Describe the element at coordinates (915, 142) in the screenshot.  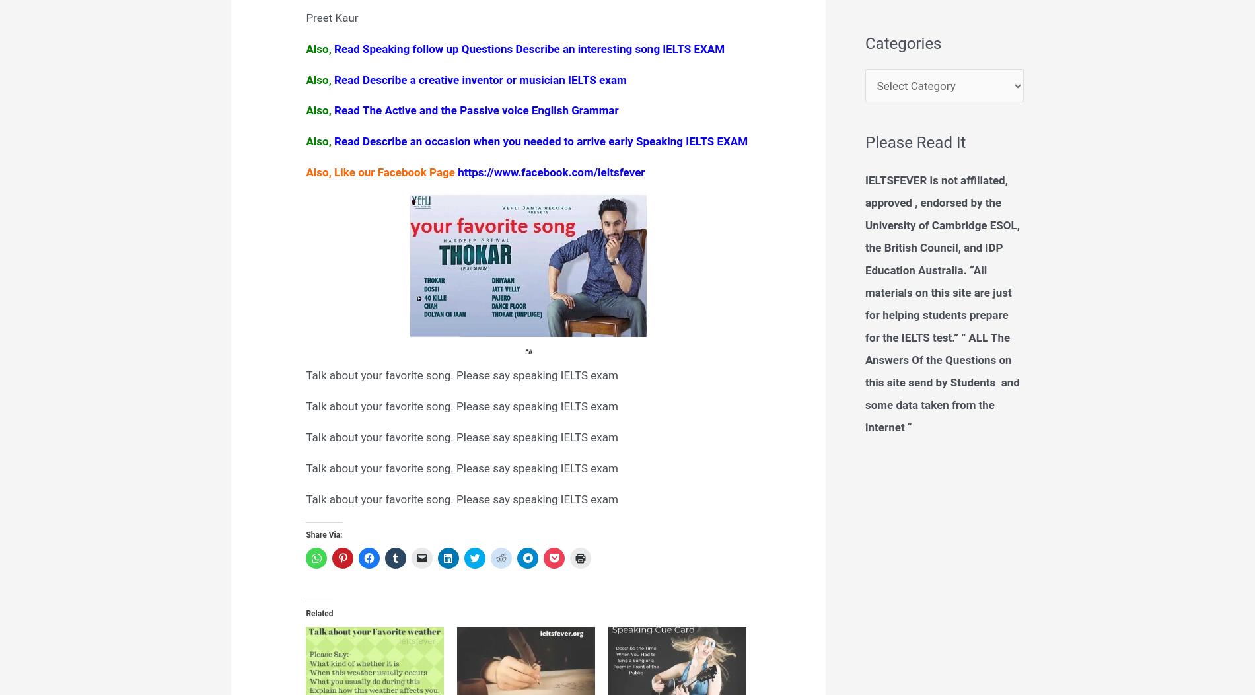
I see `'Please Read It'` at that location.